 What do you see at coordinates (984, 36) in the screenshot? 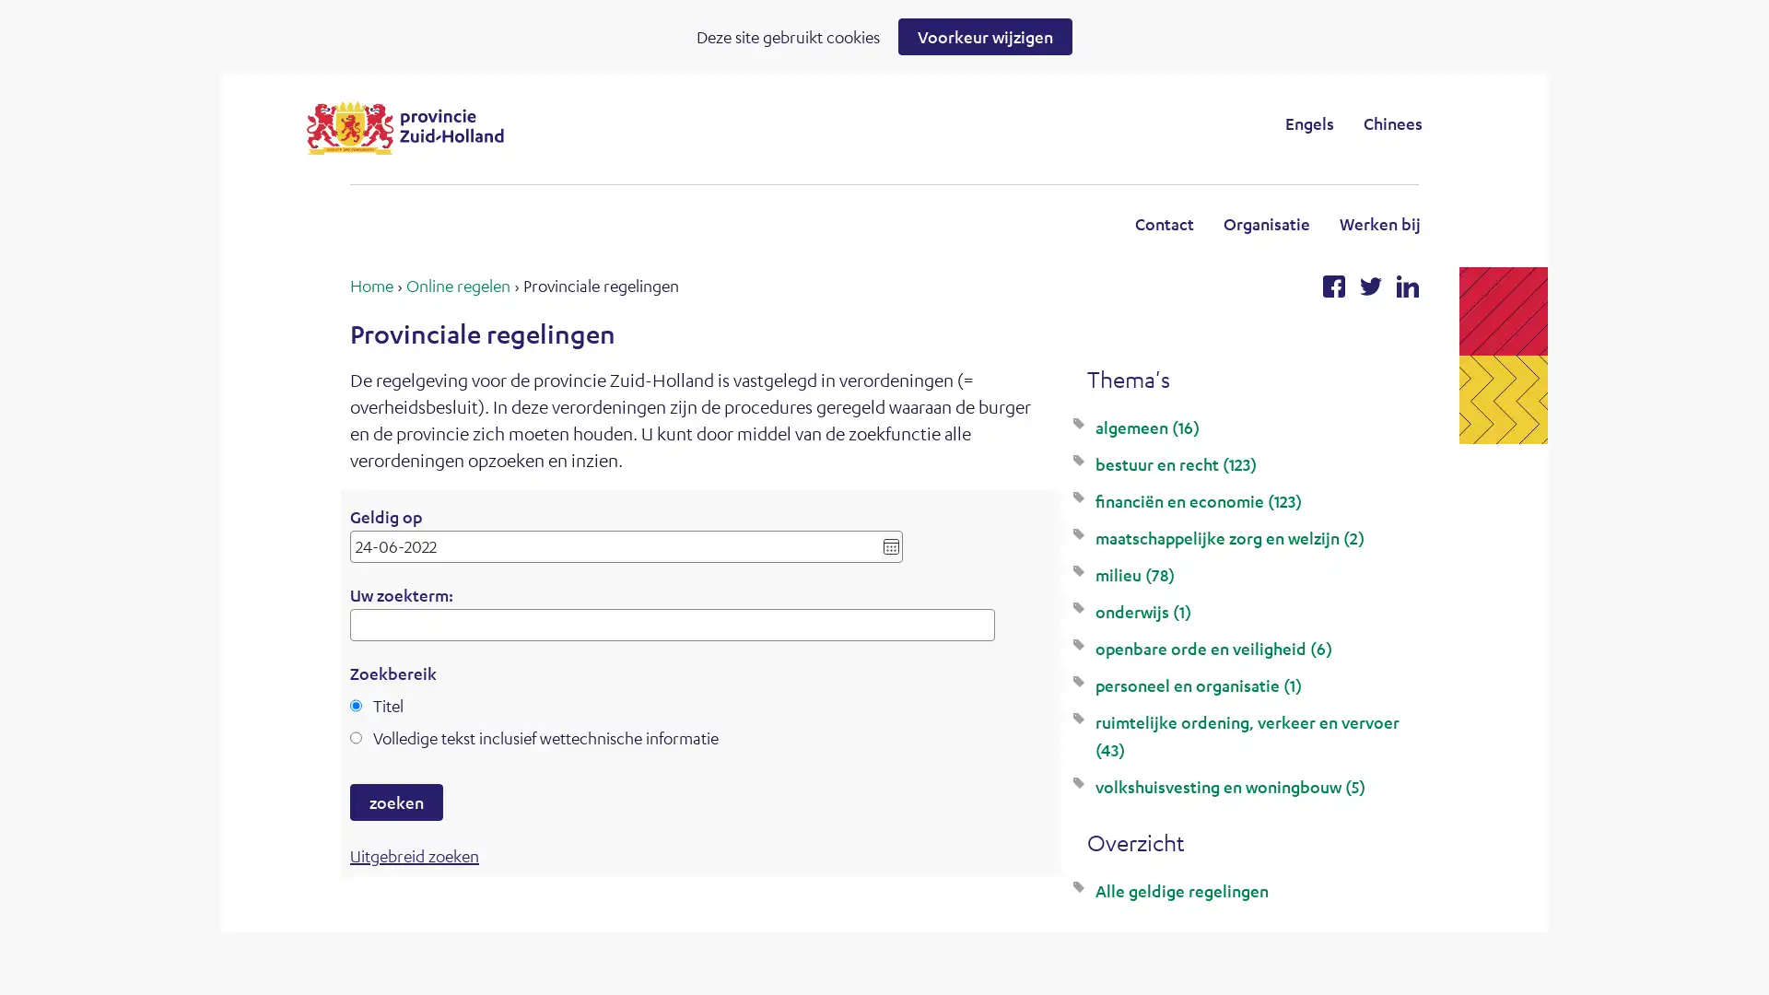
I see `Voorkeur wijzigen` at bounding box center [984, 36].